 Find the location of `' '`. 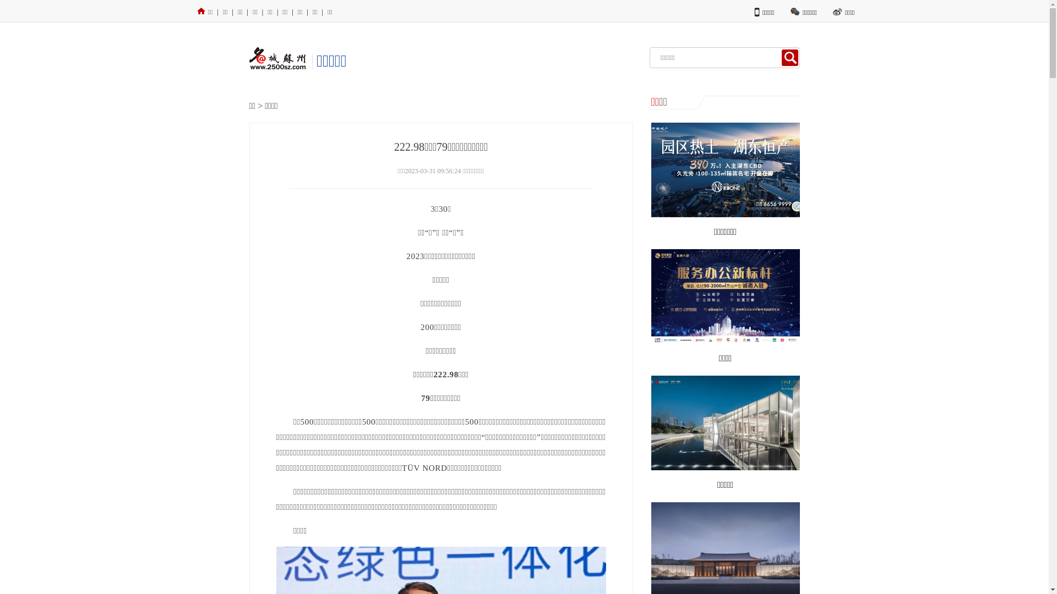

' ' is located at coordinates (789, 57).